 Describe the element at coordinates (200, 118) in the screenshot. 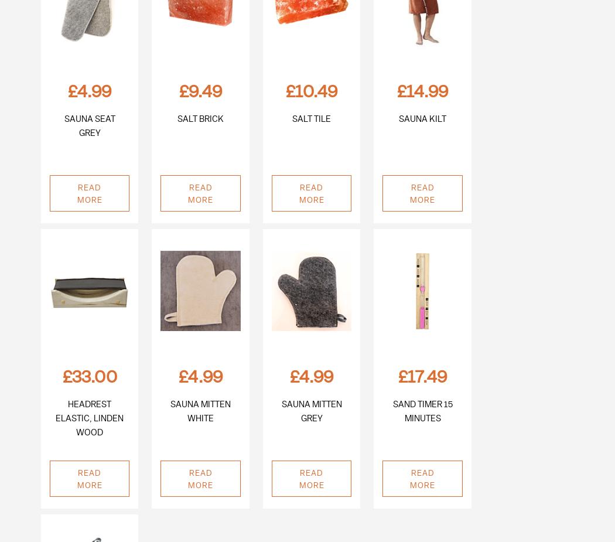

I see `'Salt Brick'` at that location.